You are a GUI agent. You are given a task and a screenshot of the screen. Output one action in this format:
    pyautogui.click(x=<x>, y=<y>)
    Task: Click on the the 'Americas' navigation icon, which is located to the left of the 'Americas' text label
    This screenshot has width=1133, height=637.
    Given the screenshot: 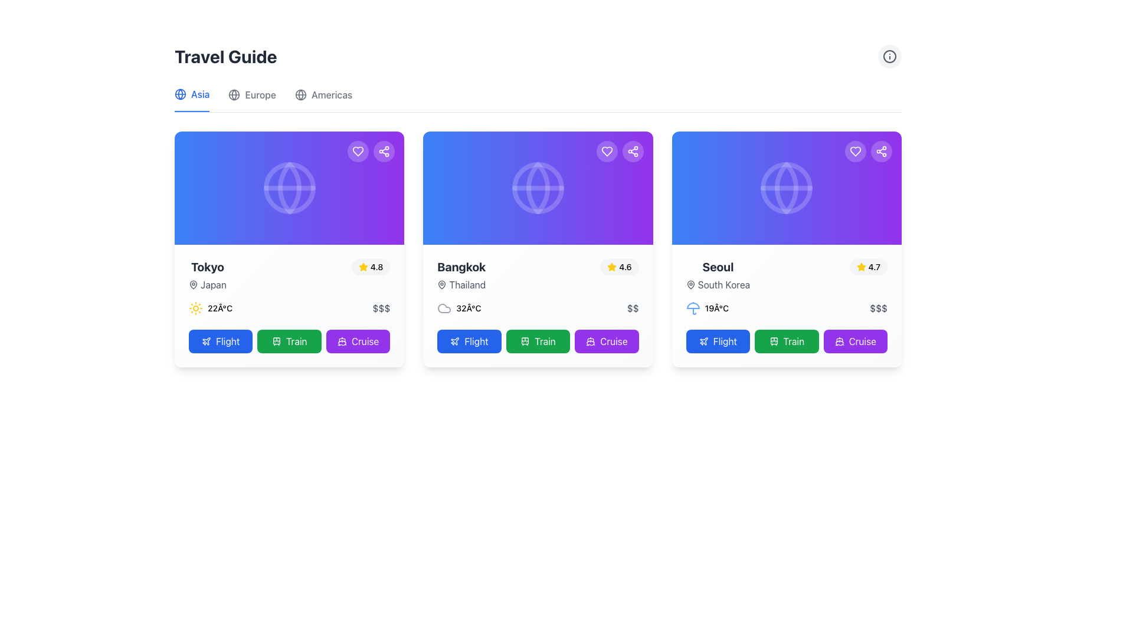 What is the action you would take?
    pyautogui.click(x=300, y=94)
    